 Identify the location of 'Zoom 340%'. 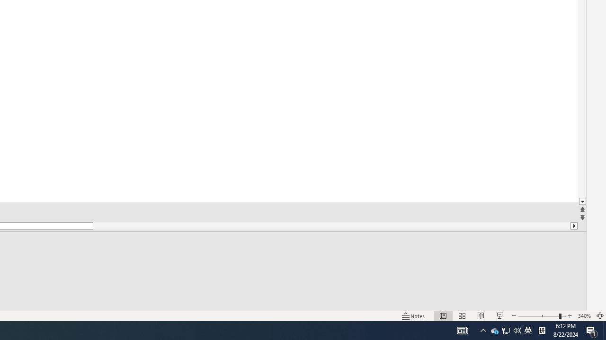
(584, 316).